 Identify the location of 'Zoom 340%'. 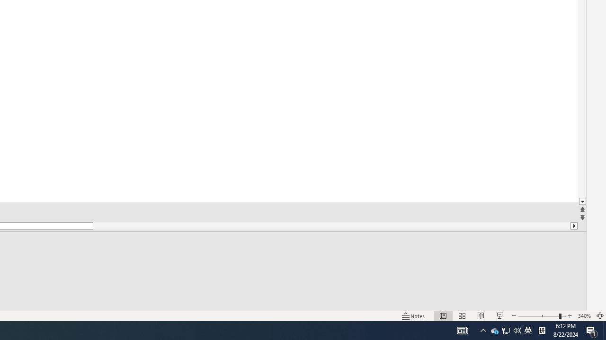
(584, 316).